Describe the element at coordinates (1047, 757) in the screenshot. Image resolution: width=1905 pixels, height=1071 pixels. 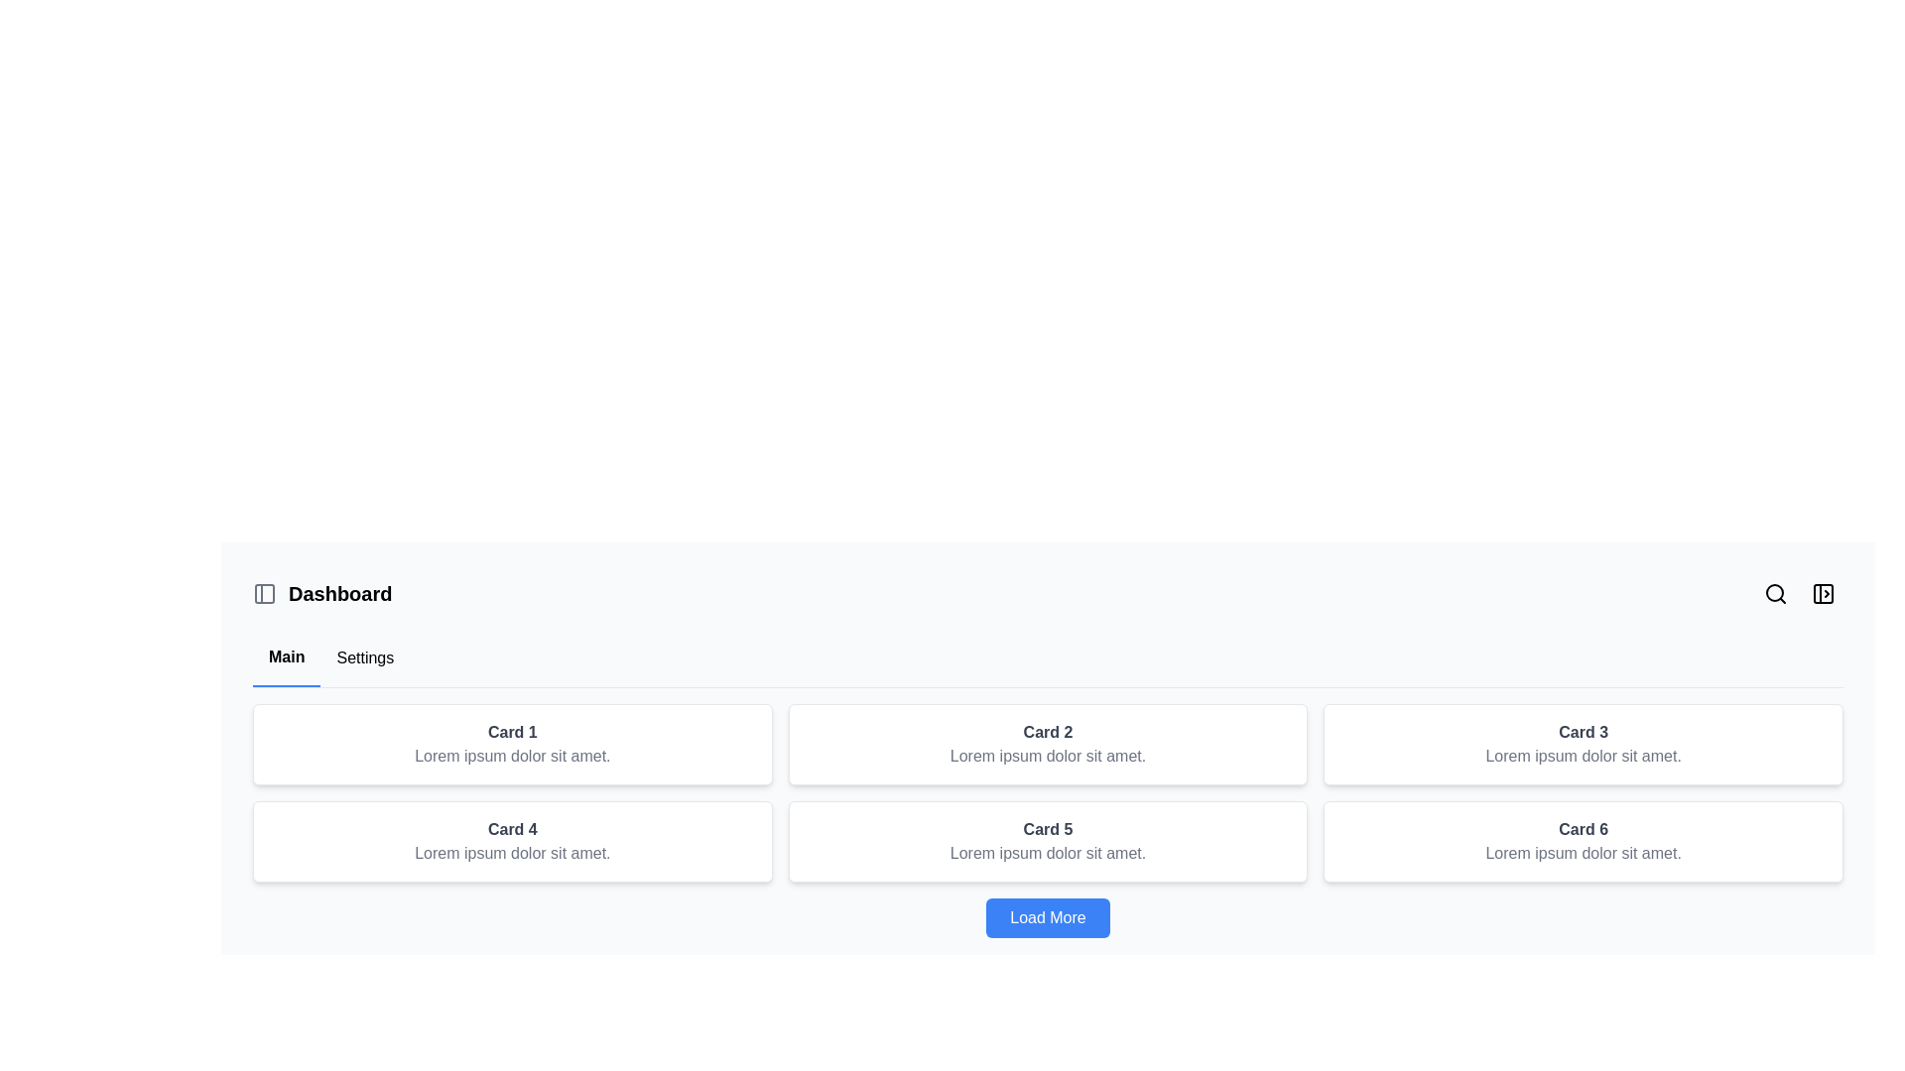
I see `the Text label located within 'Card 2', which provides additional content or context, and is positioned directly below the main title of the card` at that location.